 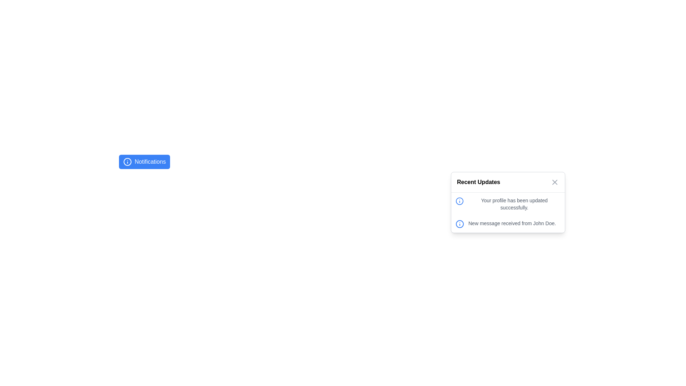 I want to click on the first notification card item in the 'Recent Updates' card to acknowledge or dismiss the profile update success notification, so click(x=507, y=204).